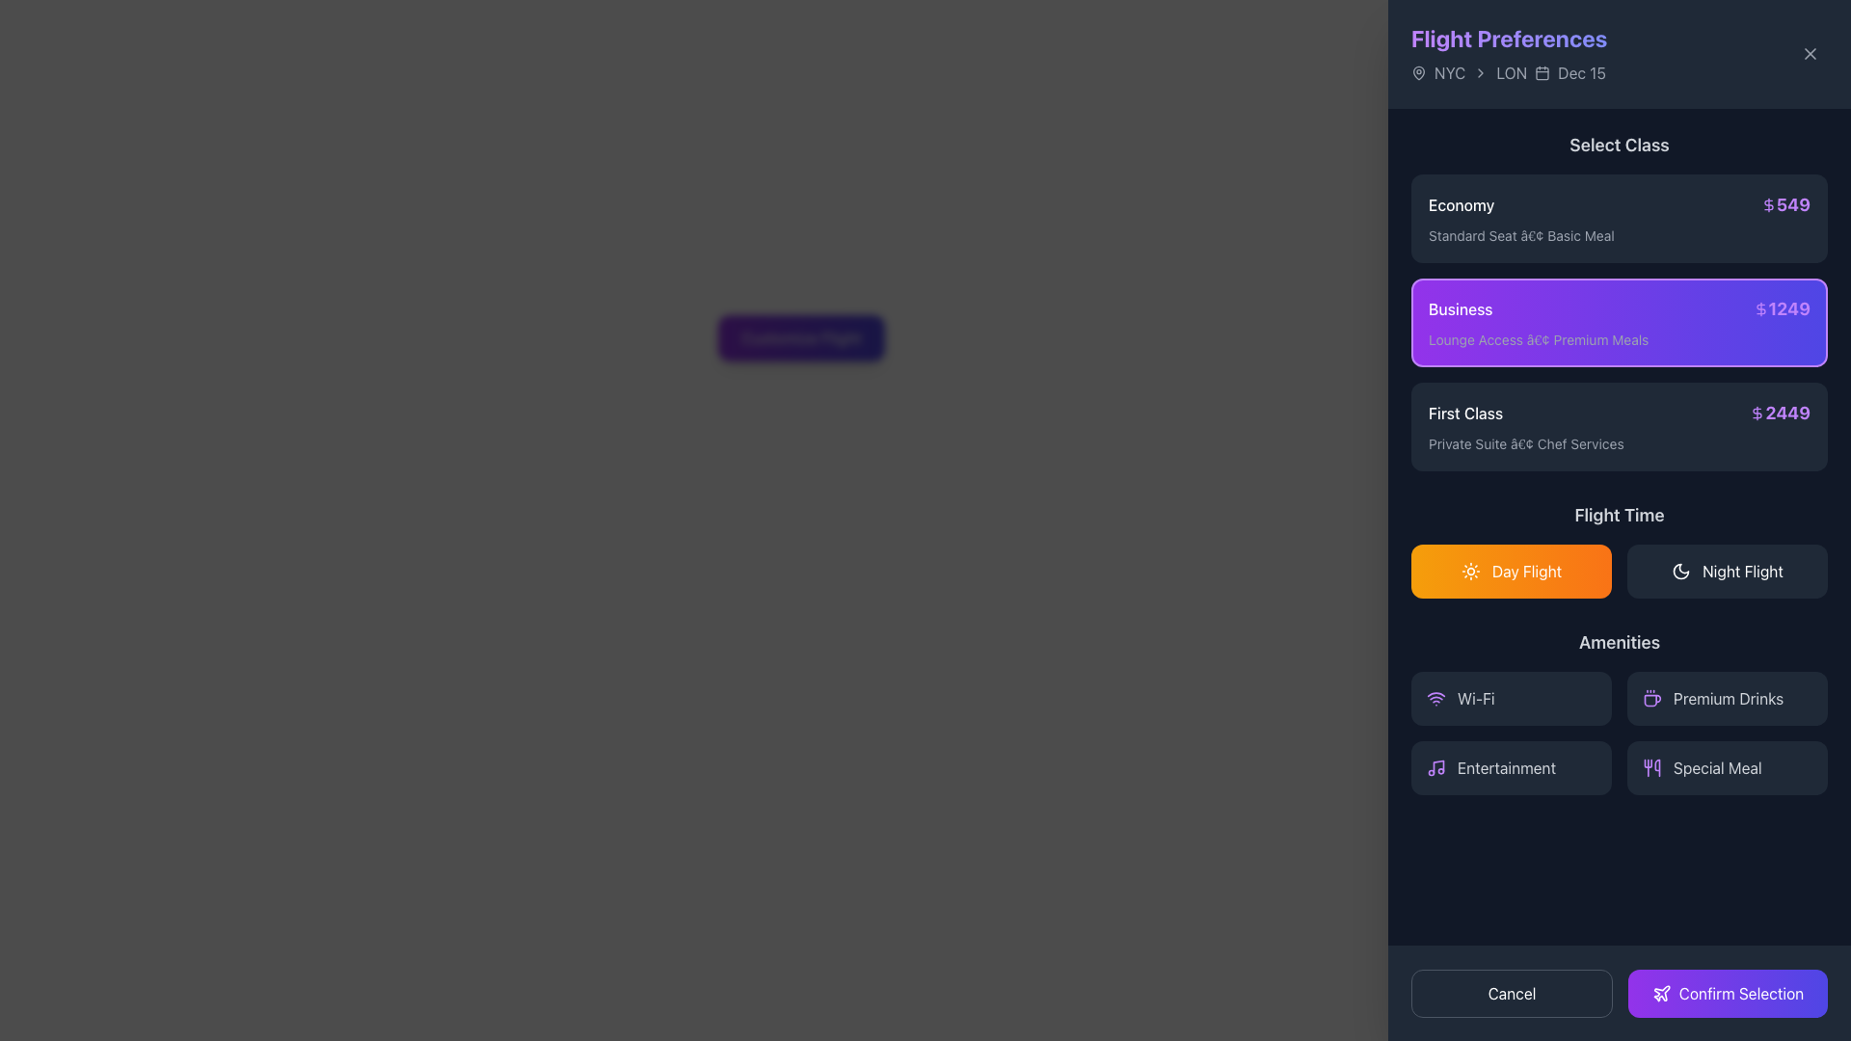 Image resolution: width=1851 pixels, height=1041 pixels. I want to click on the 'Business' radio button option, which has a gradient purple background and is the second option under the 'Select Class' section, so click(1620, 322).